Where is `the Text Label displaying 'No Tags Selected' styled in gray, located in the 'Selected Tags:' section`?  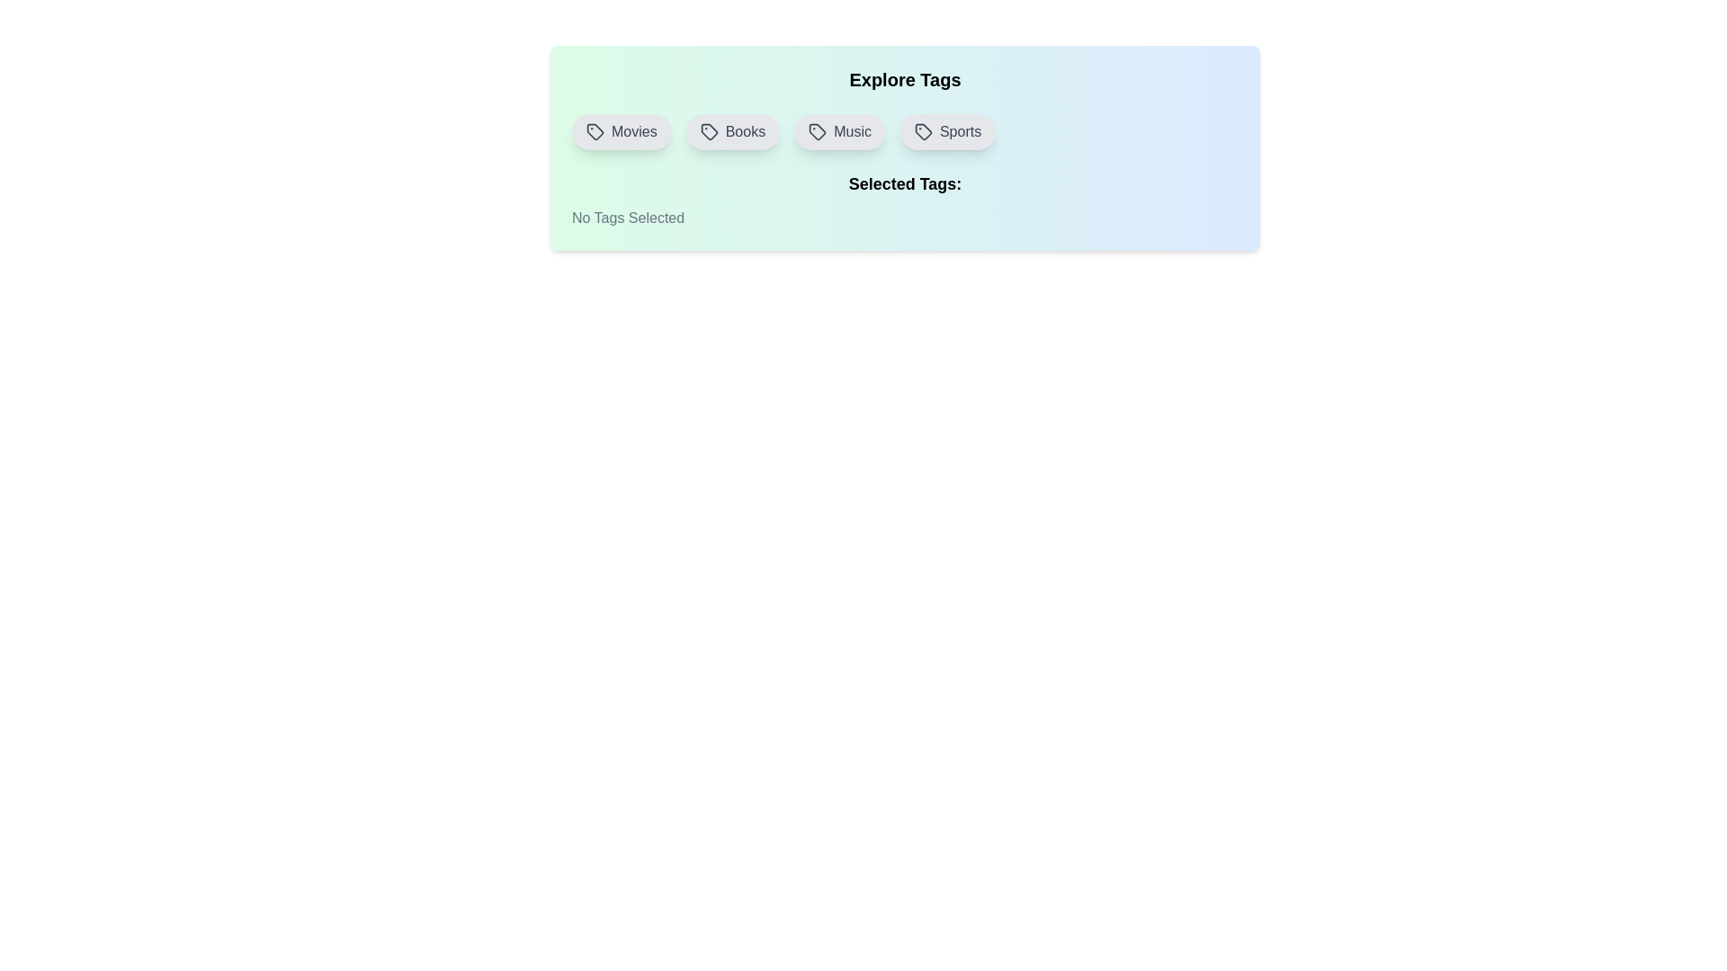 the Text Label displaying 'No Tags Selected' styled in gray, located in the 'Selected Tags:' section is located at coordinates (628, 218).